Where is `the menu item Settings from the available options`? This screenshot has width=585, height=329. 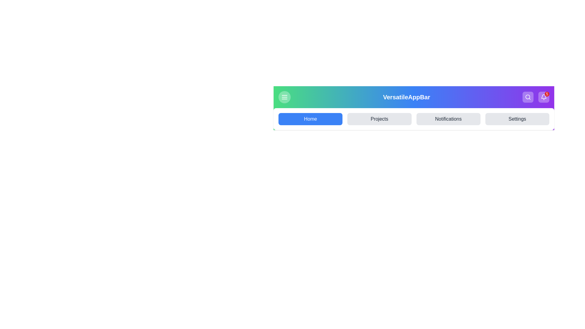 the menu item Settings from the available options is located at coordinates (517, 119).